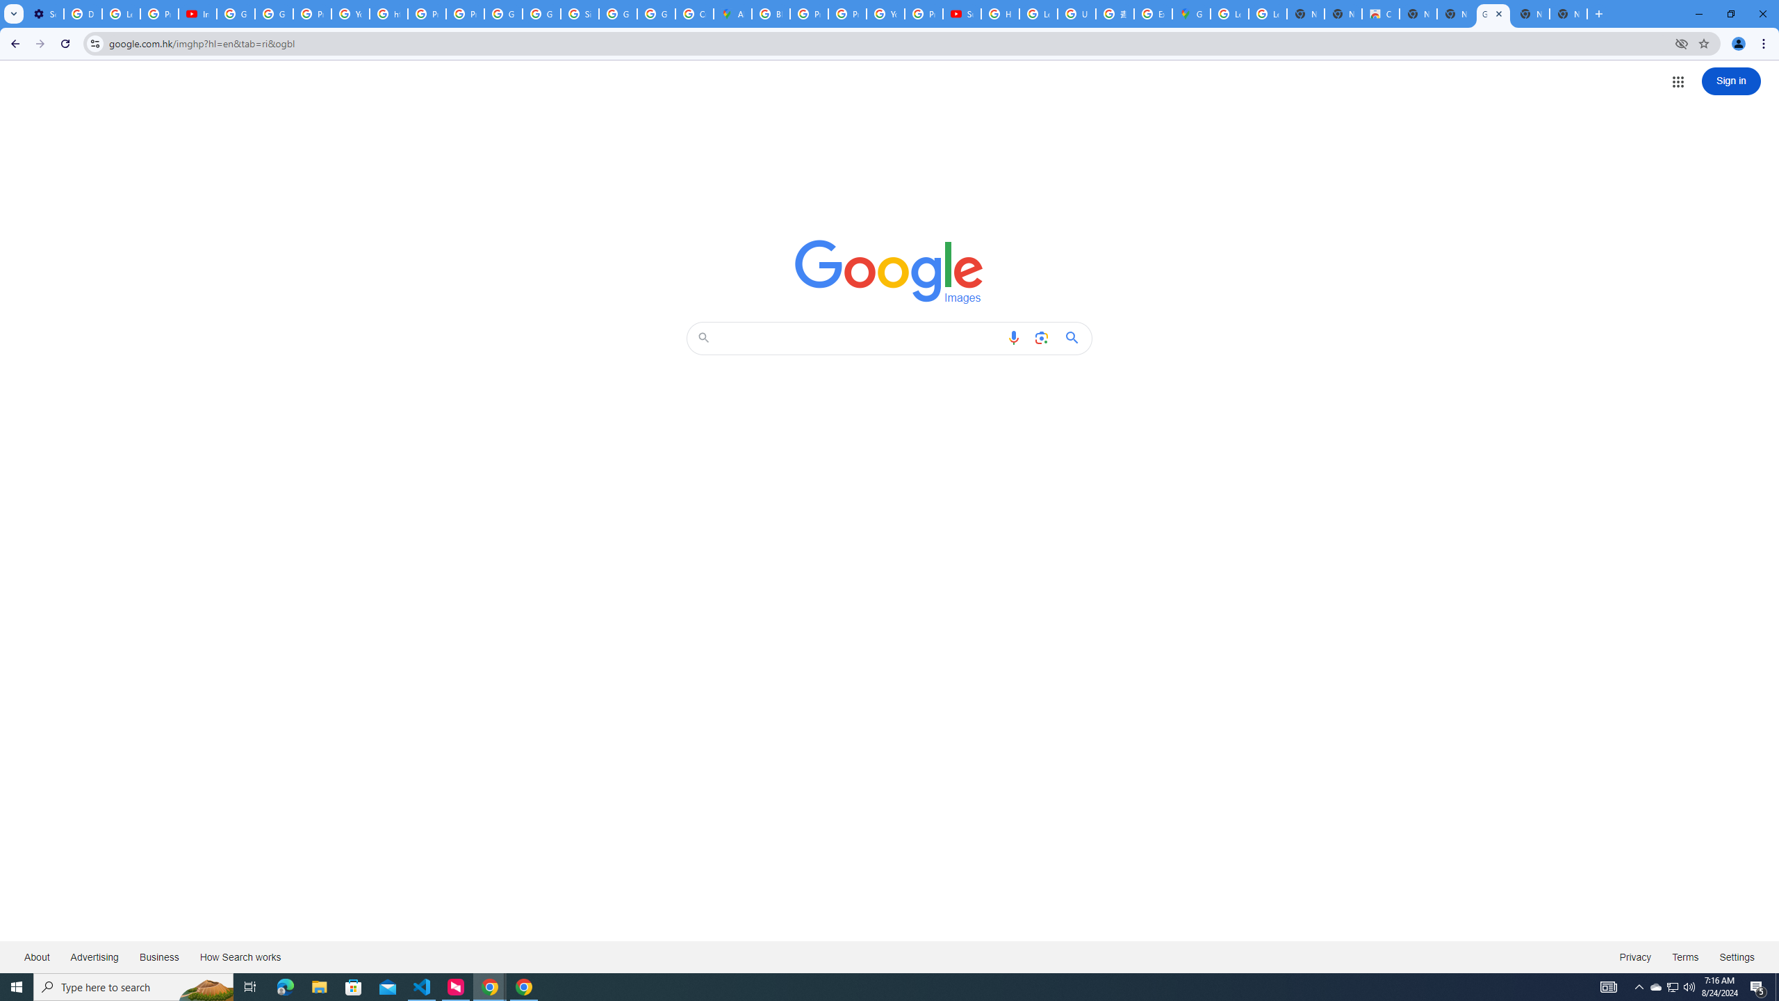  Describe the element at coordinates (36, 956) in the screenshot. I see `'About'` at that location.